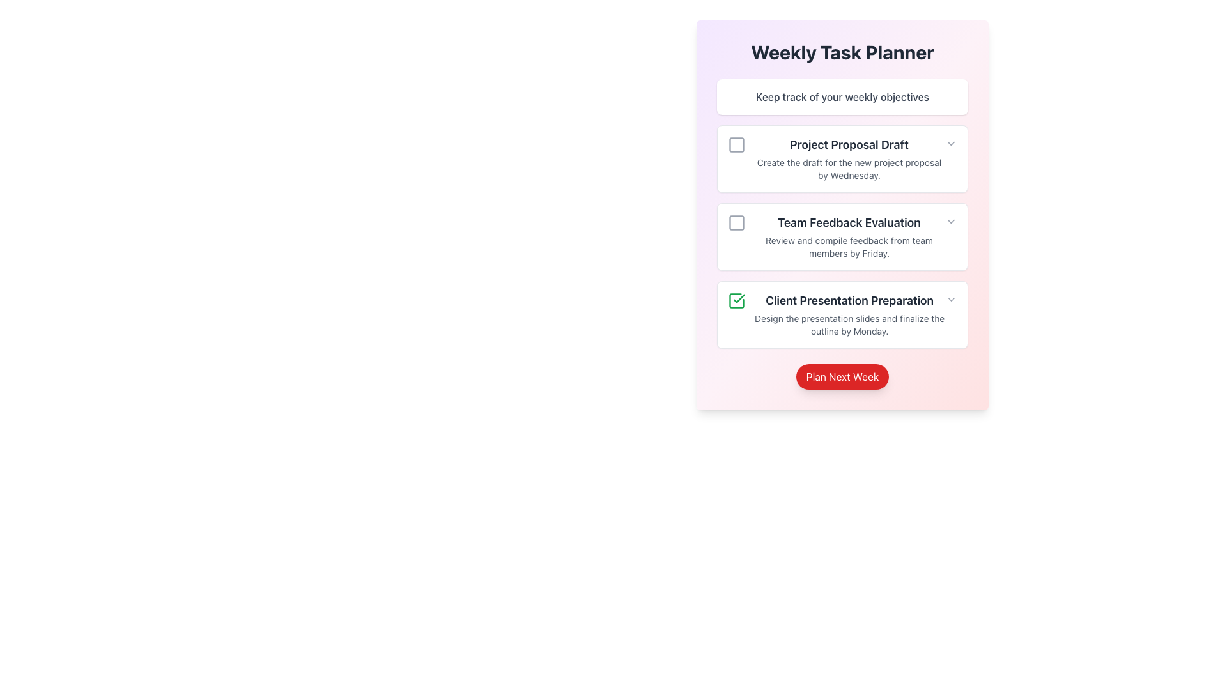 This screenshot has width=1227, height=690. What do you see at coordinates (837, 236) in the screenshot?
I see `task description for 'Team Feedback Evaluation' which includes the title and subtitle text in the task planner interface` at bounding box center [837, 236].